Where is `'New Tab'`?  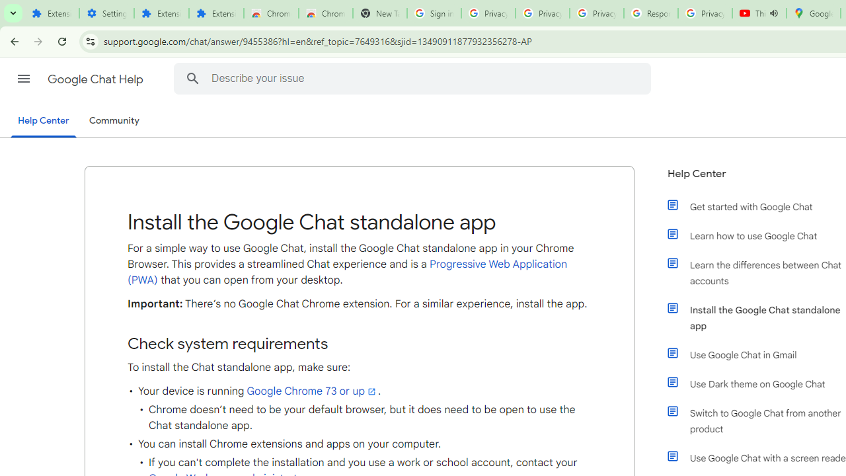
'New Tab' is located at coordinates (379, 13).